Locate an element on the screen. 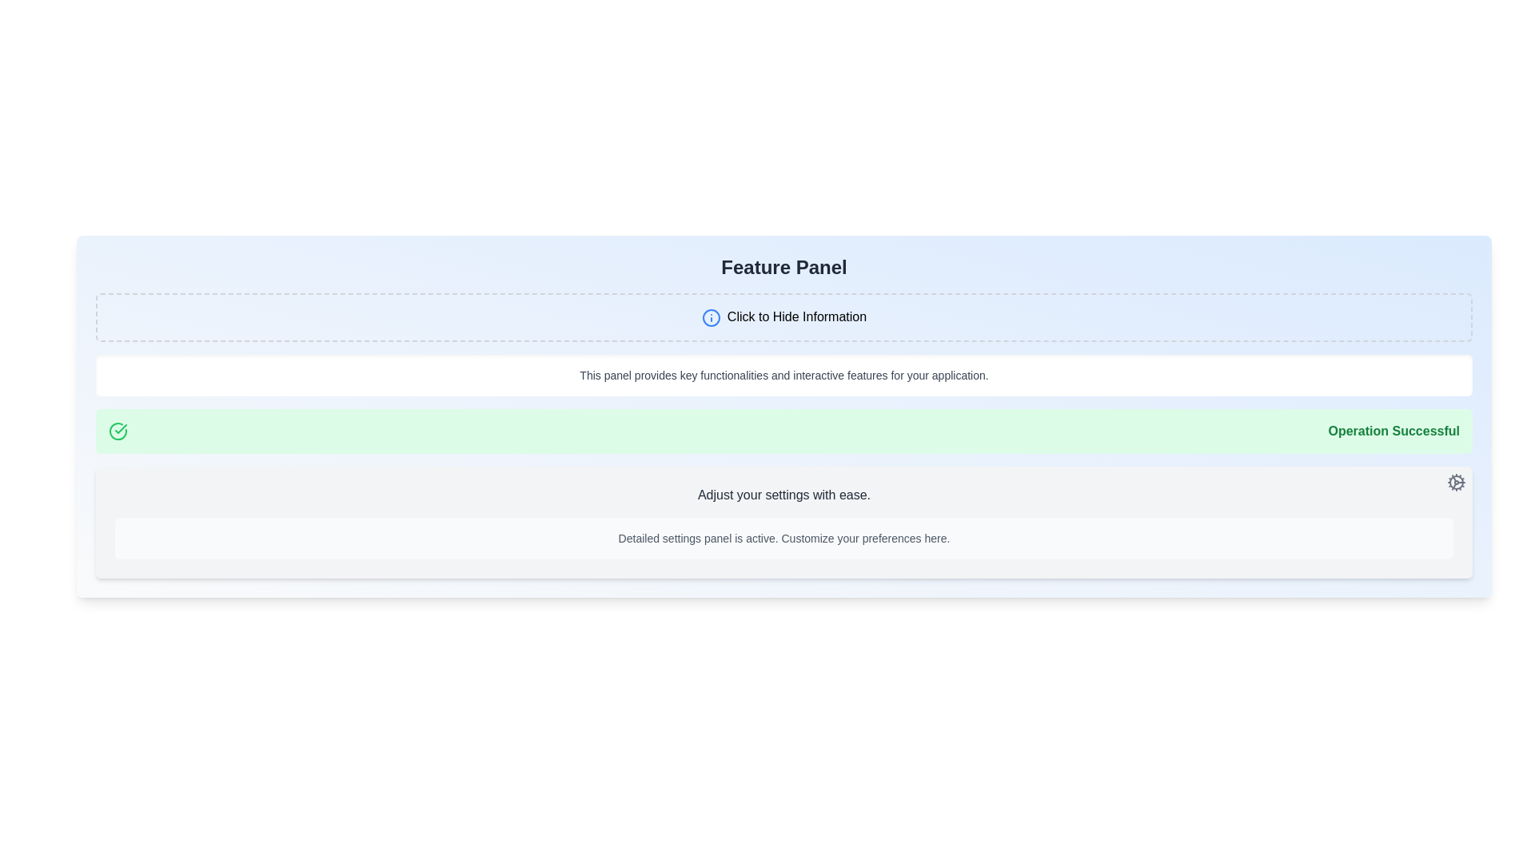 The width and height of the screenshot is (1535, 863). text label that states 'Detailed settings panel is active. Customize your preferences here.' positioned at the bottom of the visual panel is located at coordinates (783, 537).